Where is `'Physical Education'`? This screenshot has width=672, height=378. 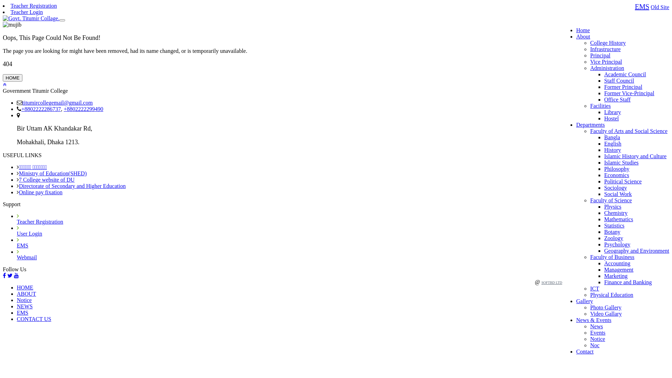 'Physical Education' is located at coordinates (611, 295).